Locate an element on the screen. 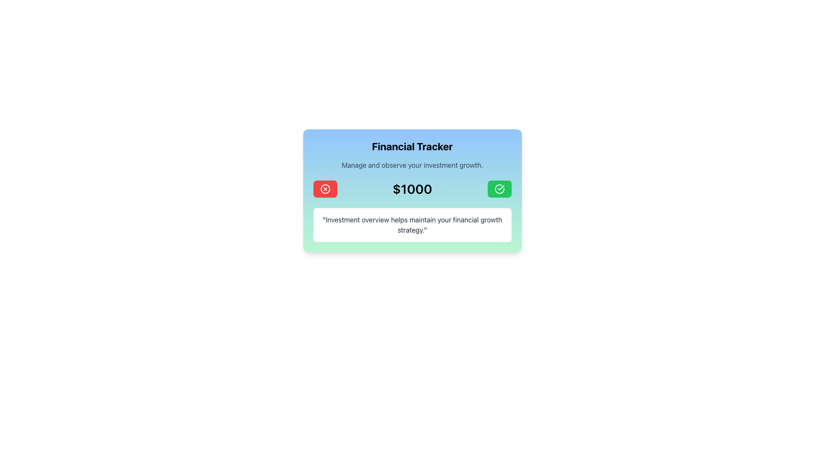 The image size is (820, 461). the Text Block containing the phrase 'Investment overview helps maintain your financial growth strategy', which is styled in dark gray color and located within a white box in the lower section of the blue-to-green gradient interface is located at coordinates (412, 225).